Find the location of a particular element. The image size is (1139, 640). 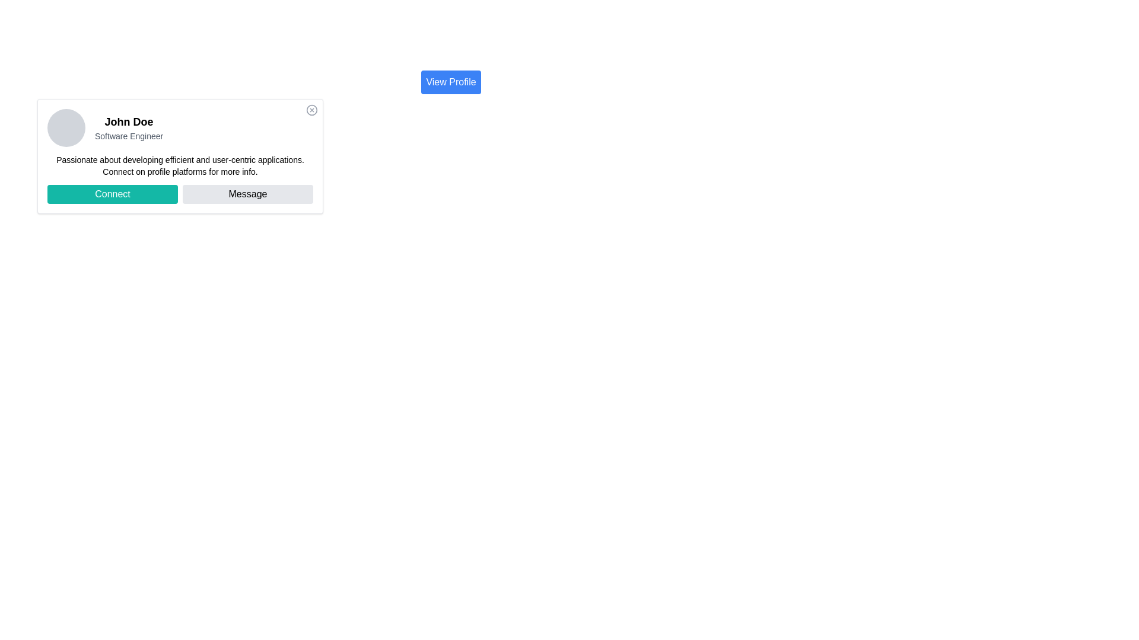

the rectangular button with a blue background and white text that reads 'View Profile' is located at coordinates (450, 81).